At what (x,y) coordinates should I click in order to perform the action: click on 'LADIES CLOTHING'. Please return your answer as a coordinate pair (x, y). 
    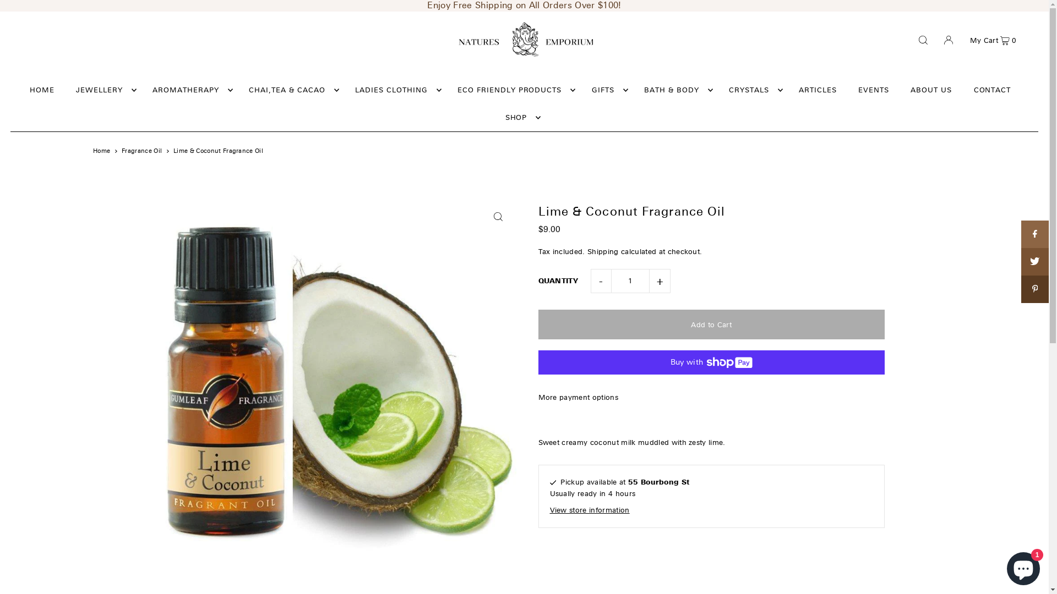
    Looking at the image, I should click on (395, 90).